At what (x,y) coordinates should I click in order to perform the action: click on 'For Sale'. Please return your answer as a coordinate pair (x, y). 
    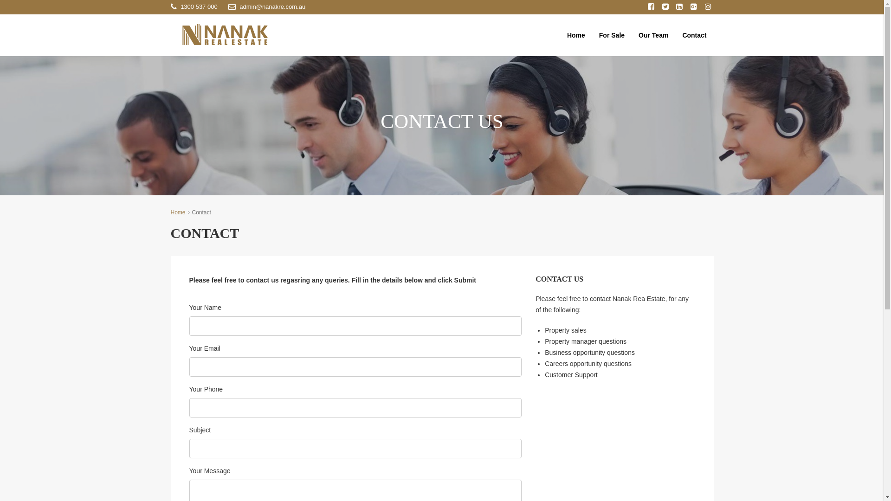
    Looking at the image, I should click on (612, 35).